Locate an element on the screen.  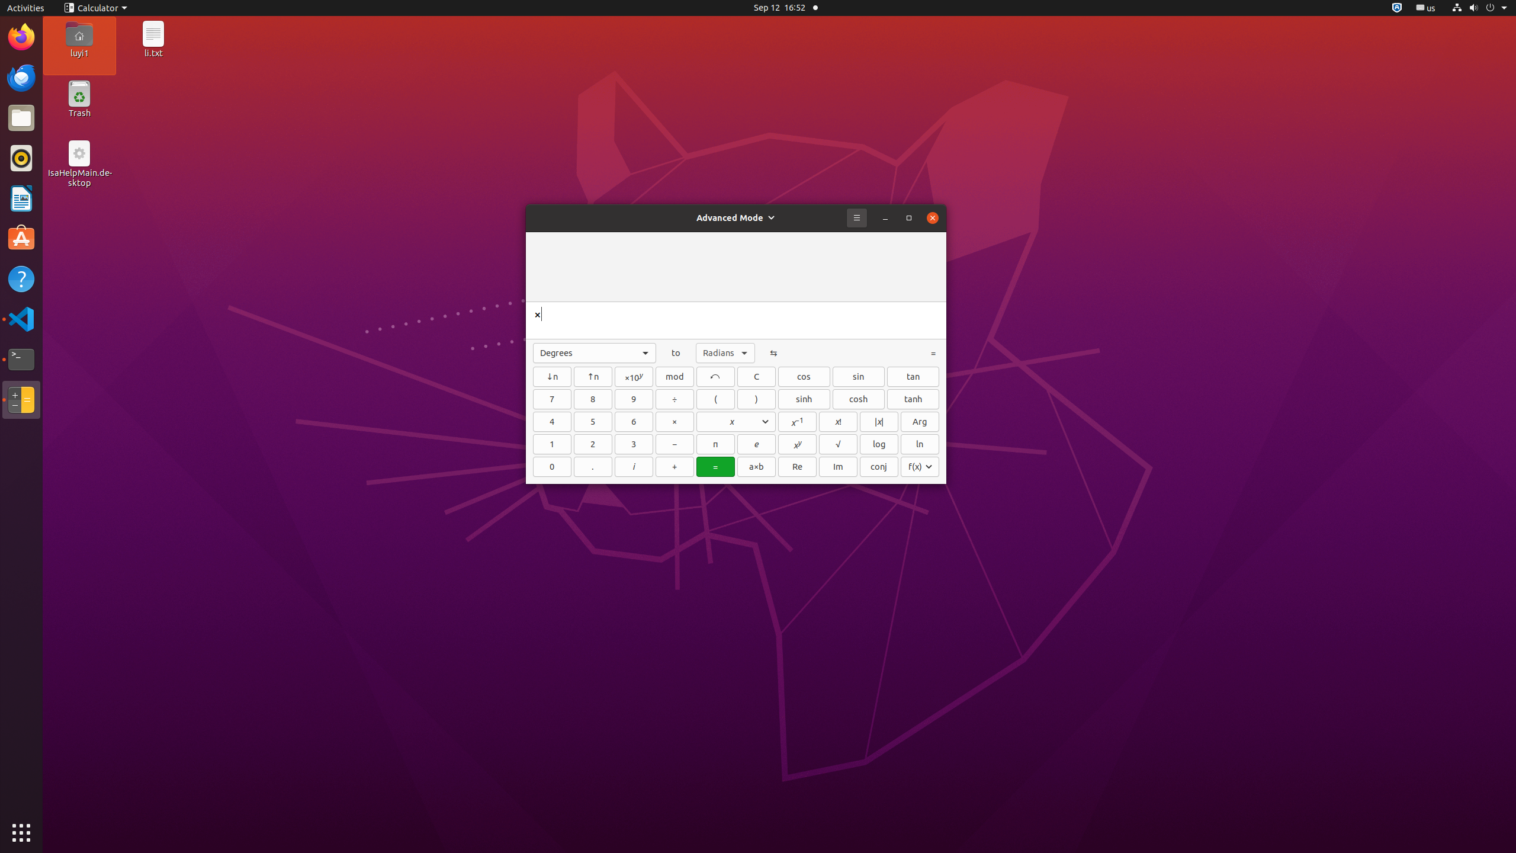
'Trash' is located at coordinates (79, 112).